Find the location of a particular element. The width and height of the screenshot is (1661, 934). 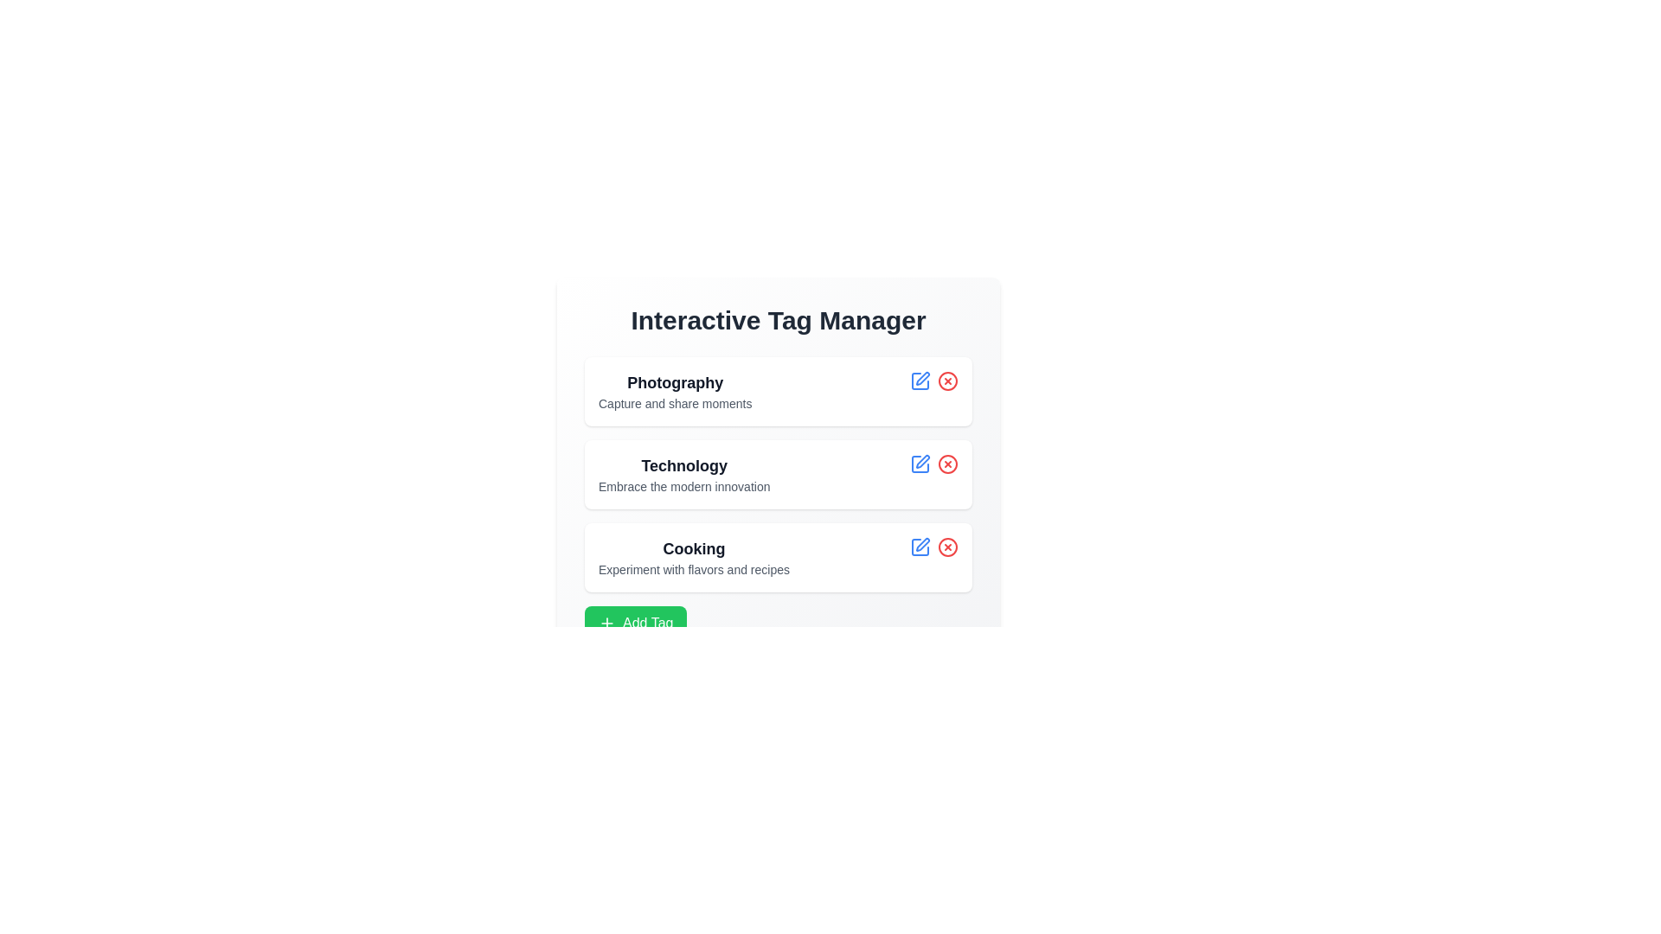

the descriptive subtitle text label that provides additional information about the 'Technology' section, which is positioned directly underneath the bold 'Technology' text is located at coordinates (683, 487).